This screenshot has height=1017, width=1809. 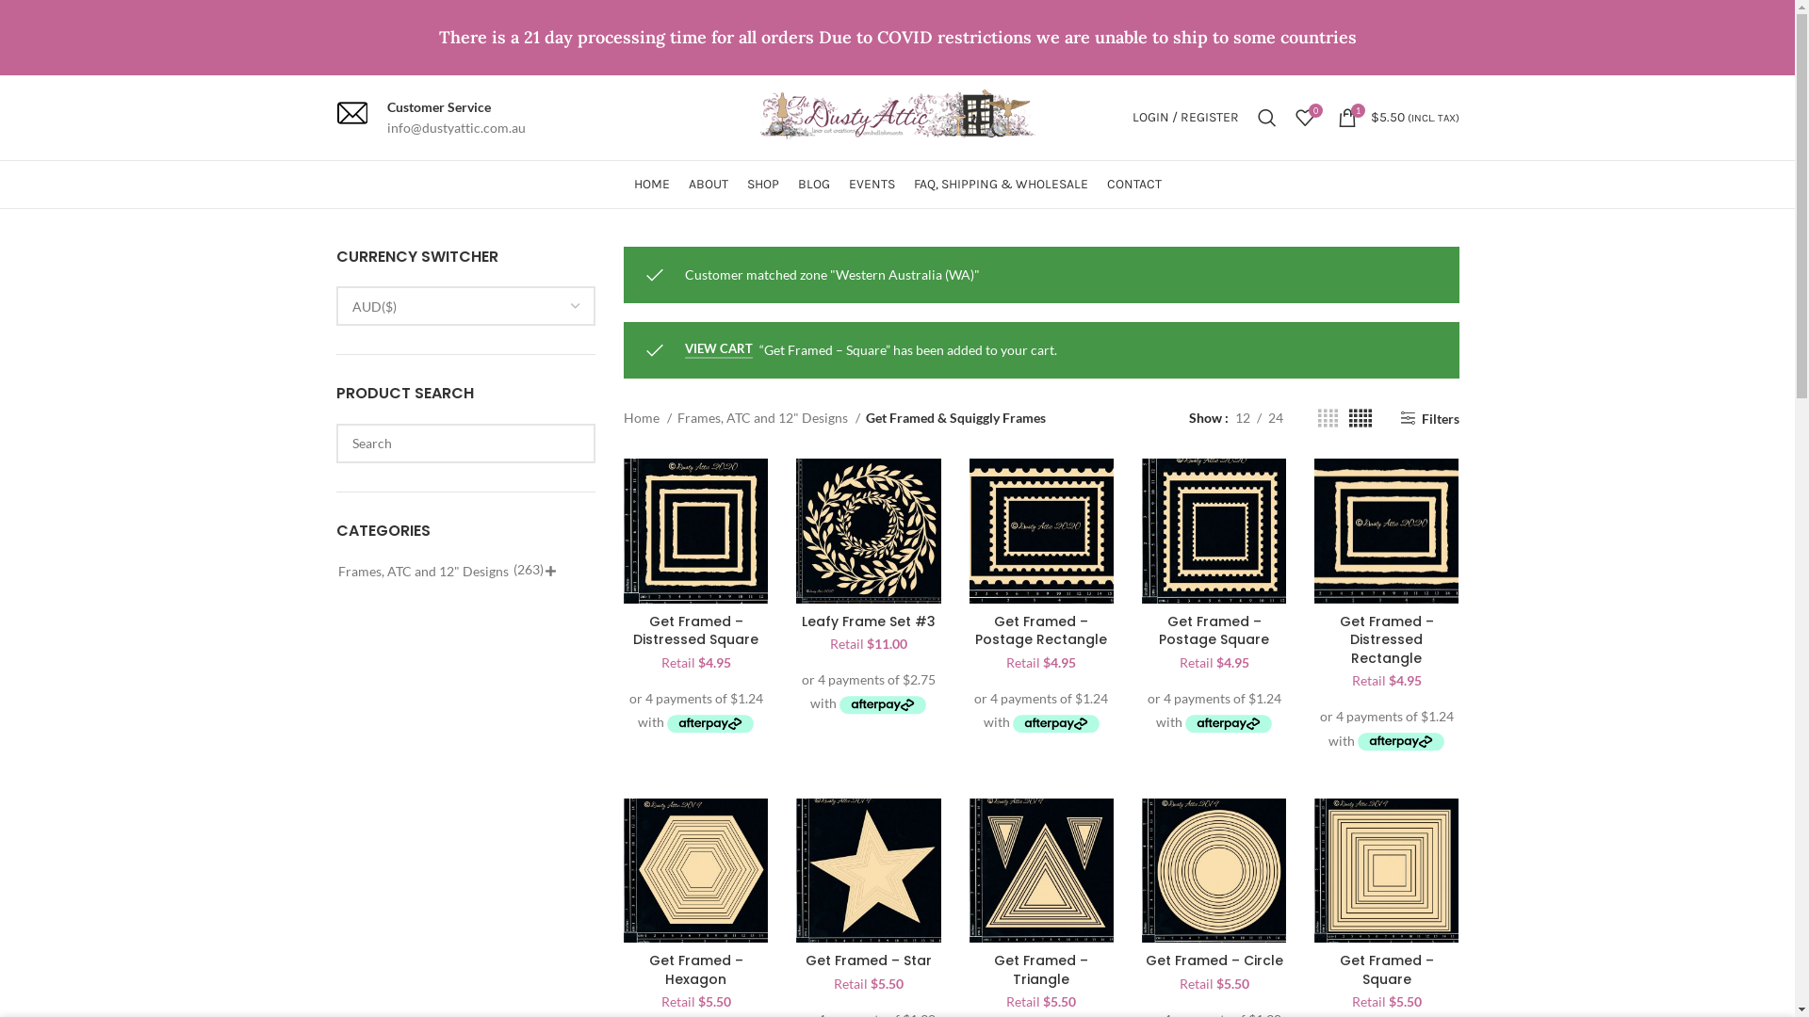 I want to click on '1, so click(x=1398, y=117).